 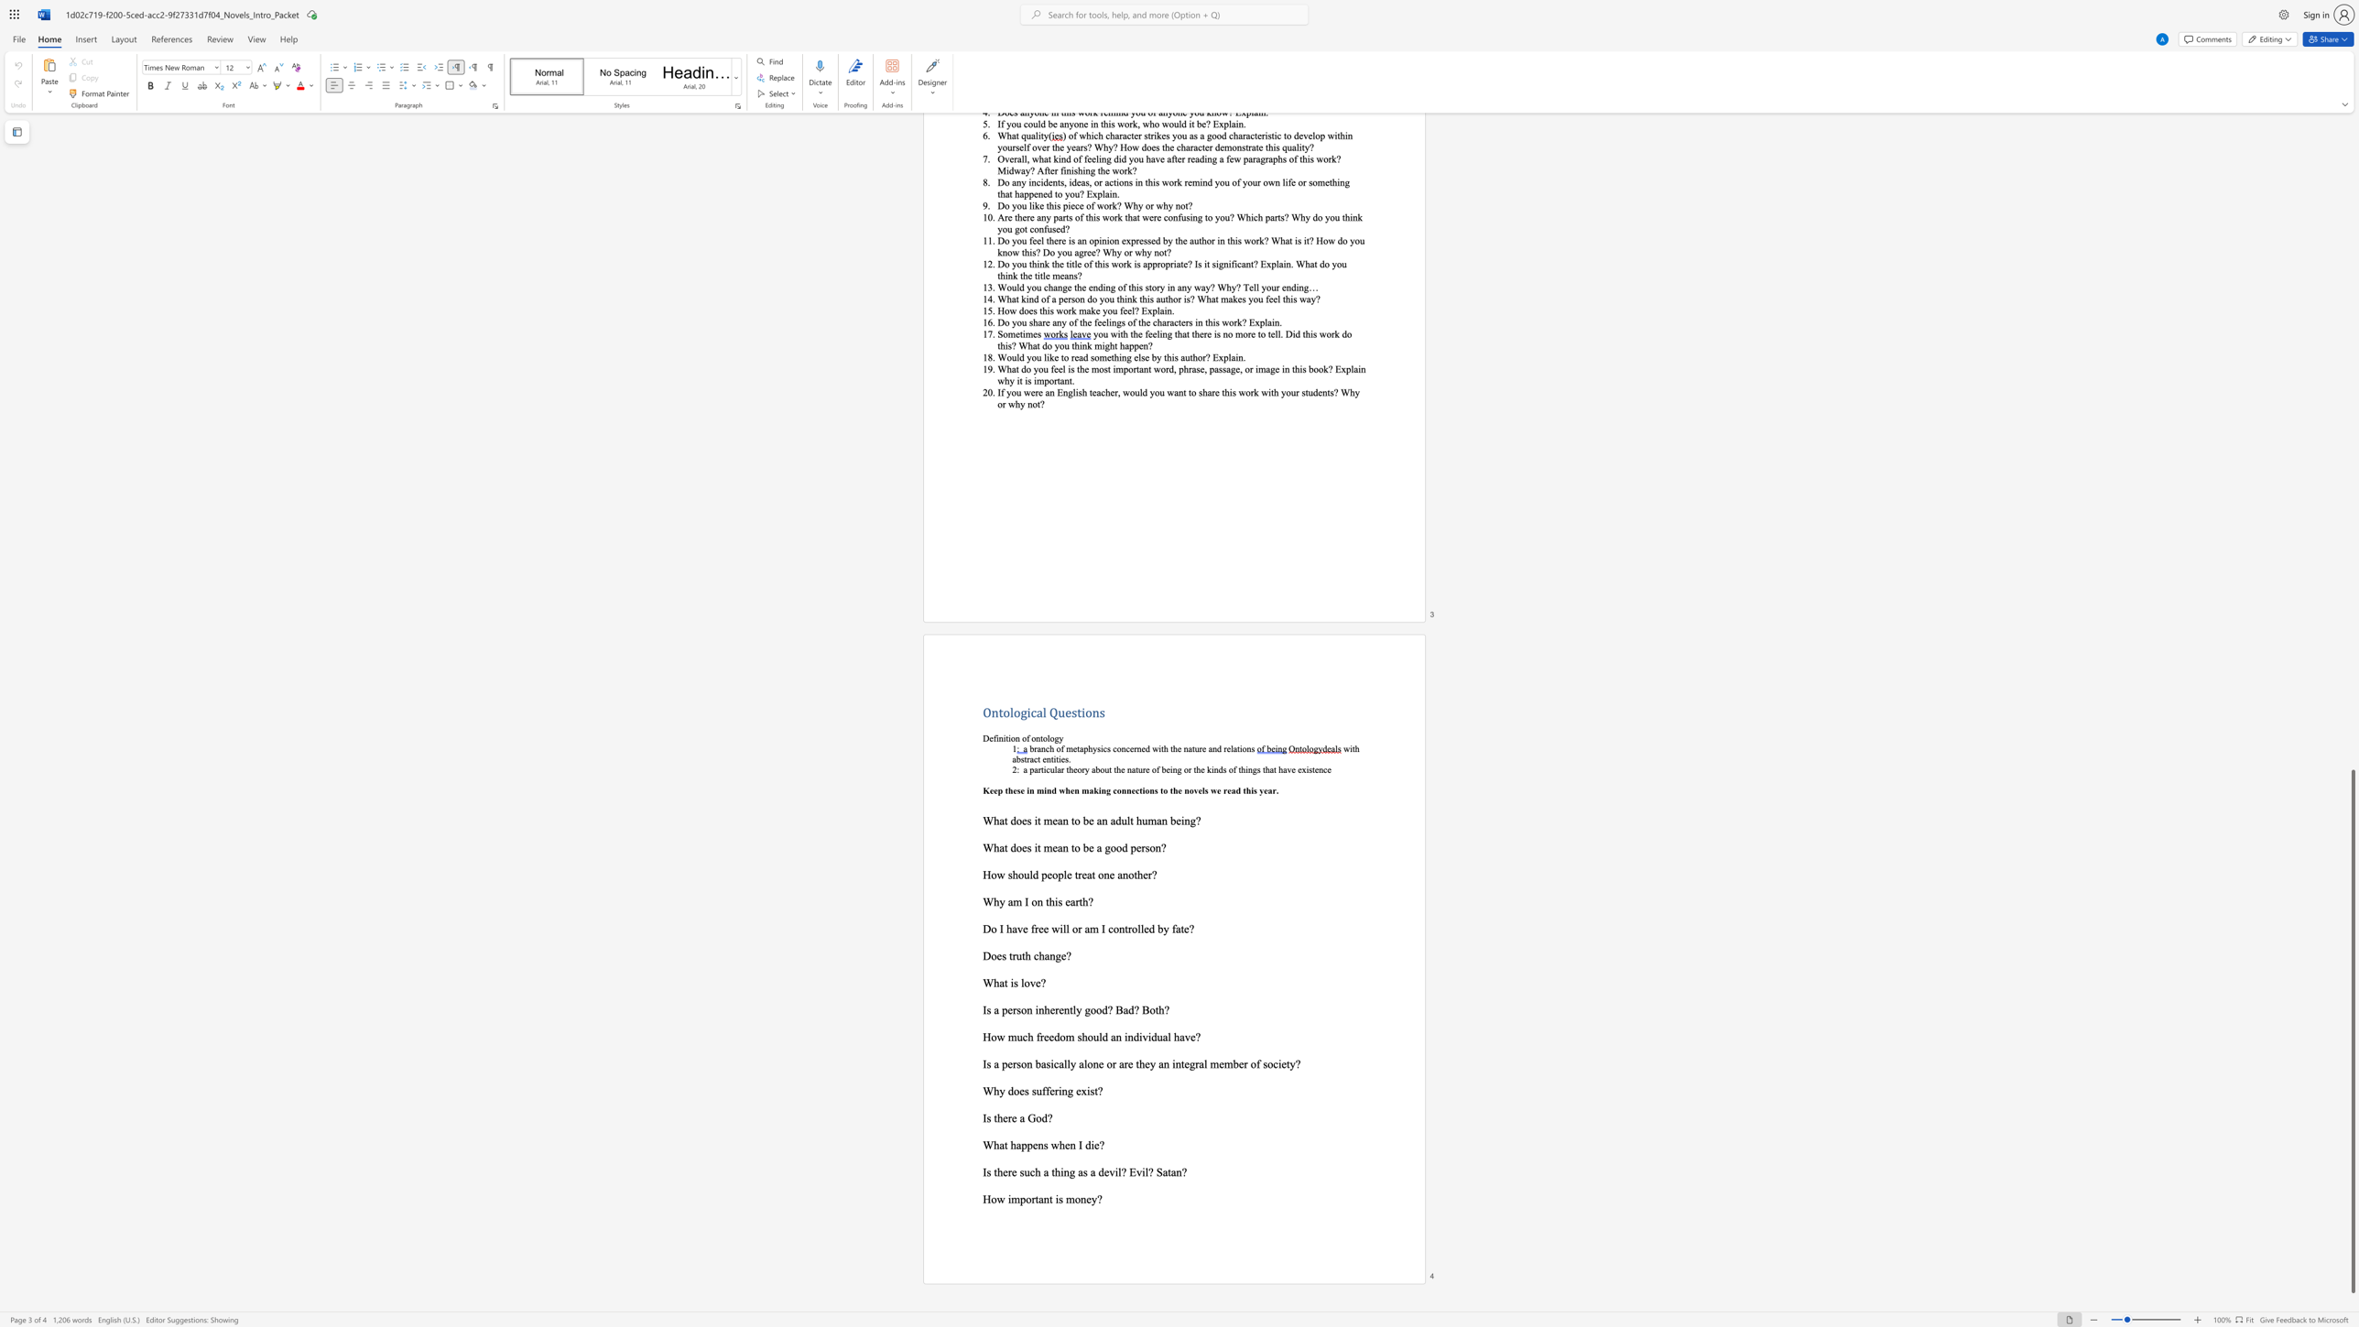 What do you see at coordinates (1140, 1037) in the screenshot?
I see `the 2th character "i" in the text` at bounding box center [1140, 1037].